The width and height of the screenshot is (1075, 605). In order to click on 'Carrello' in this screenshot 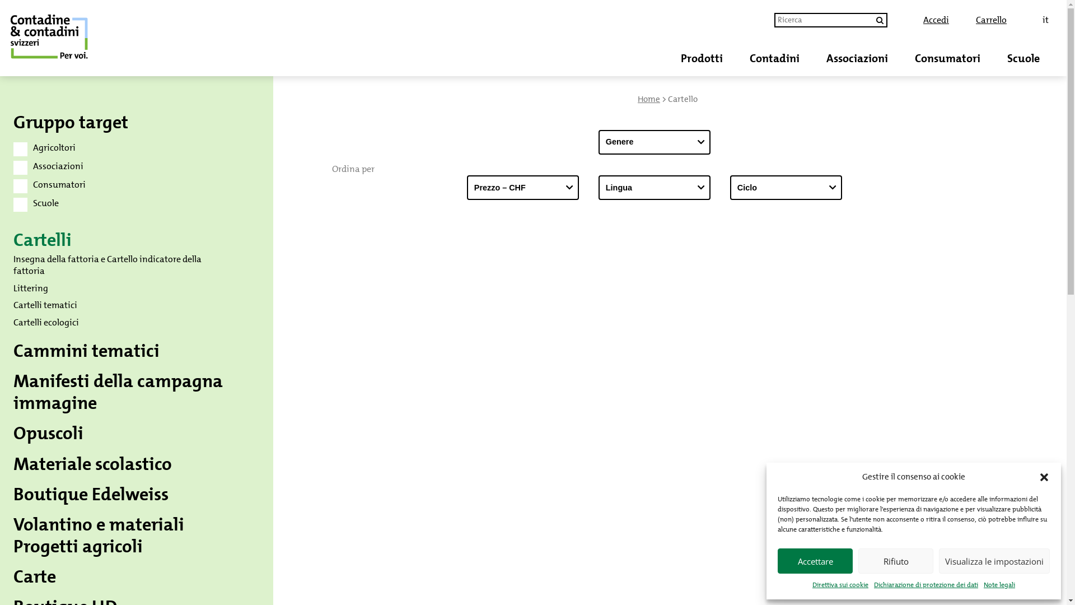, I will do `click(991, 20)`.